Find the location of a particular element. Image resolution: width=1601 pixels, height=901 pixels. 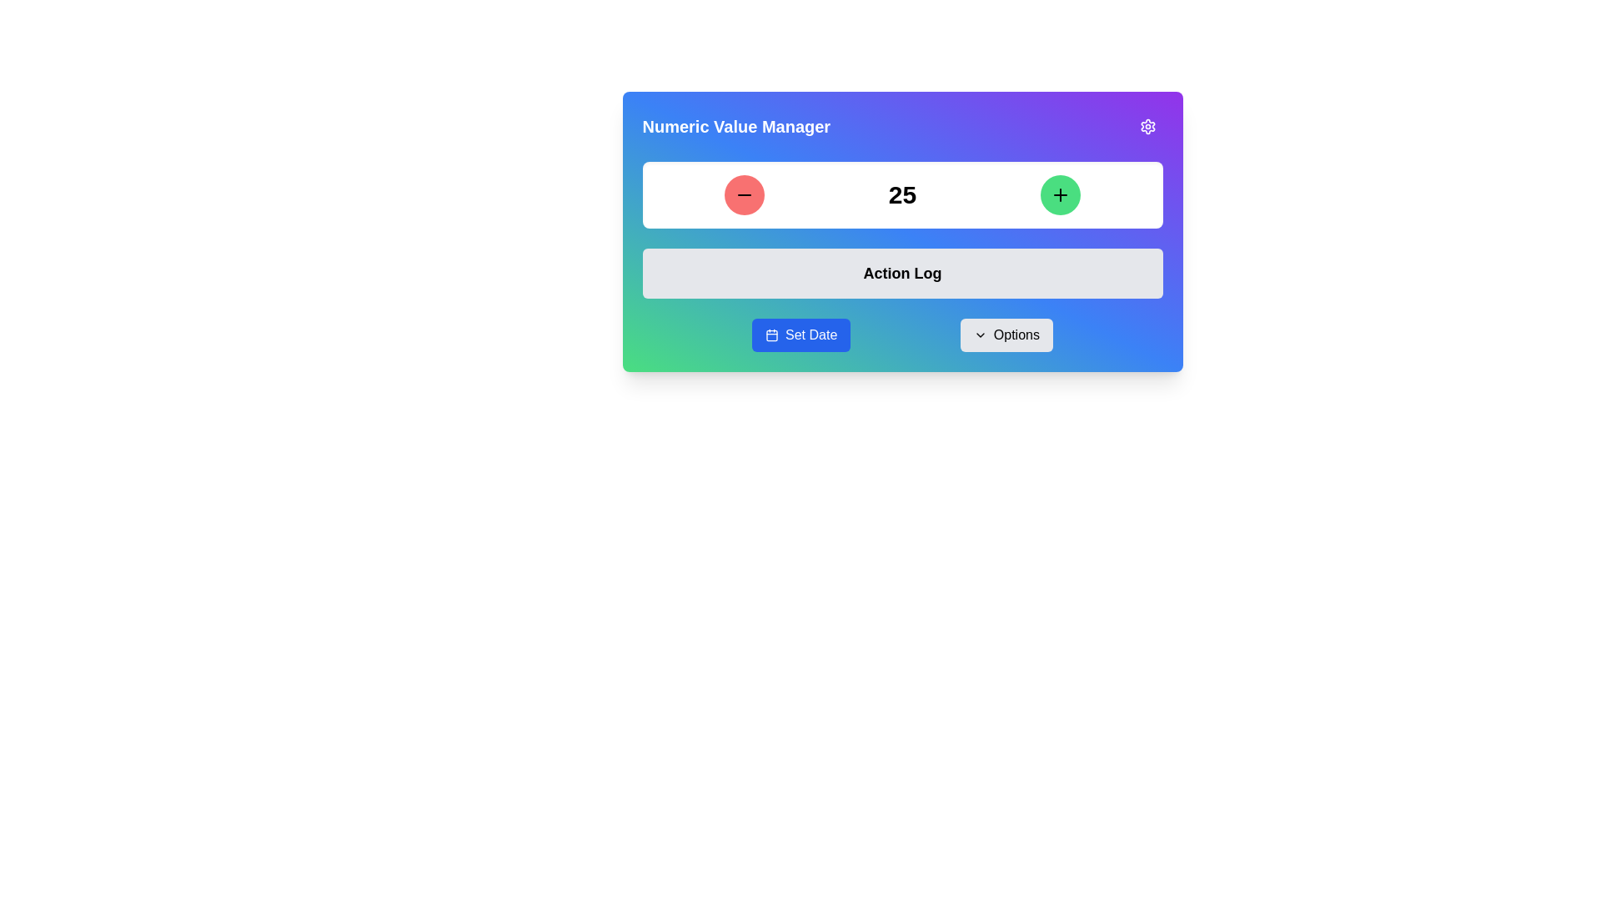

the 'Action Log' heading text, which is styled in bold and slightly enlarged font, located slightly below the numeric manager interface is located at coordinates (901, 272).